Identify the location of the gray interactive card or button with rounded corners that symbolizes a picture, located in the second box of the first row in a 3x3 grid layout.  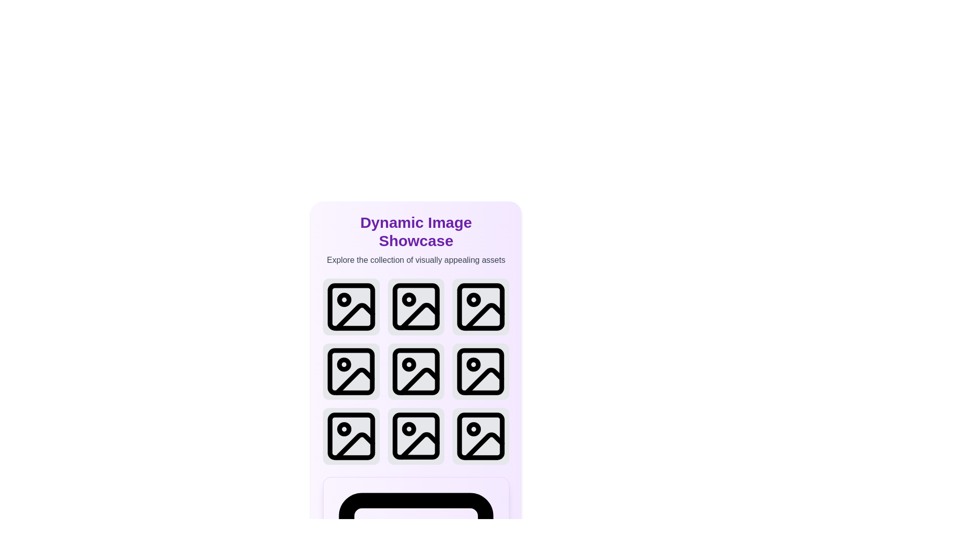
(416, 306).